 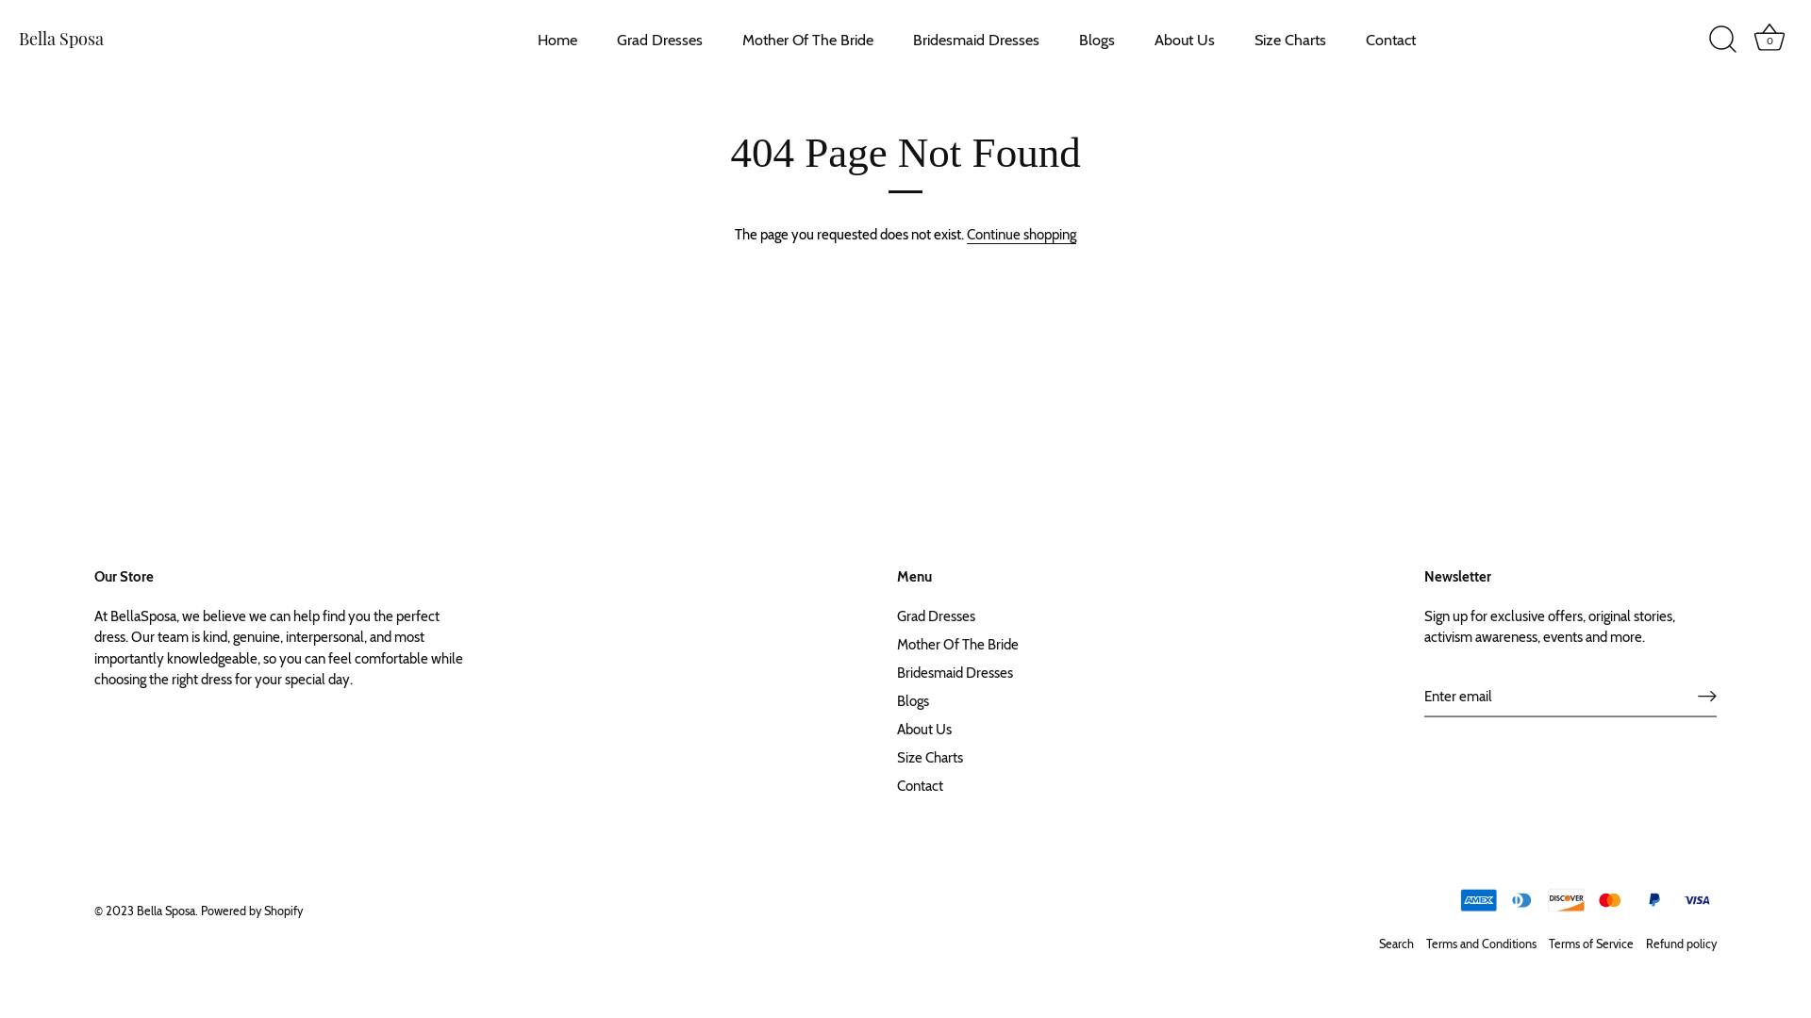 I want to click on 'Grad Dresses', so click(x=660, y=40).